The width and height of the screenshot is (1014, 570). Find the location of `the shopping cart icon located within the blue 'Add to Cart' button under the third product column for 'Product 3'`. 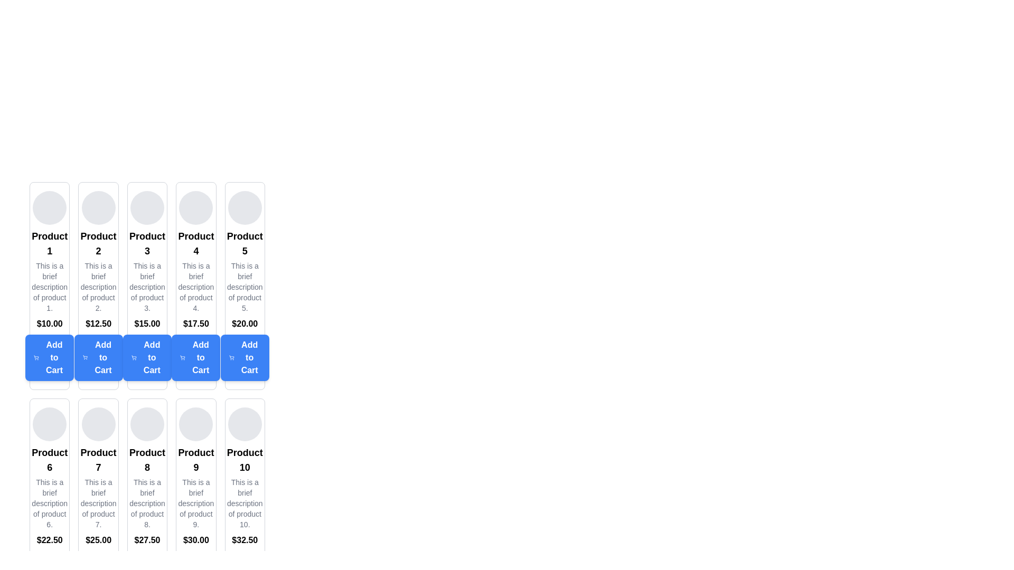

the shopping cart icon located within the blue 'Add to Cart' button under the third product column for 'Product 3' is located at coordinates (133, 357).